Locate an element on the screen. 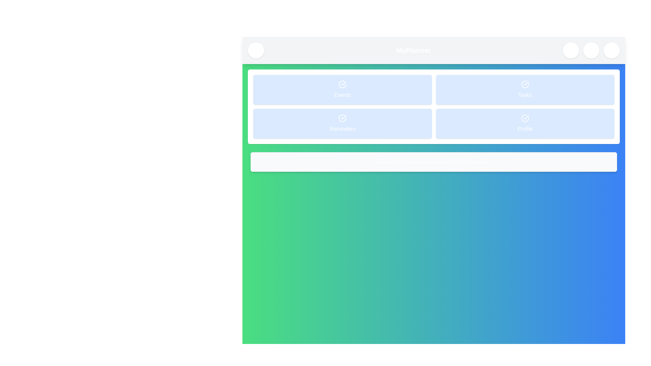 The width and height of the screenshot is (651, 366). the 'Events' button to navigate to the Events section is located at coordinates (342, 89).